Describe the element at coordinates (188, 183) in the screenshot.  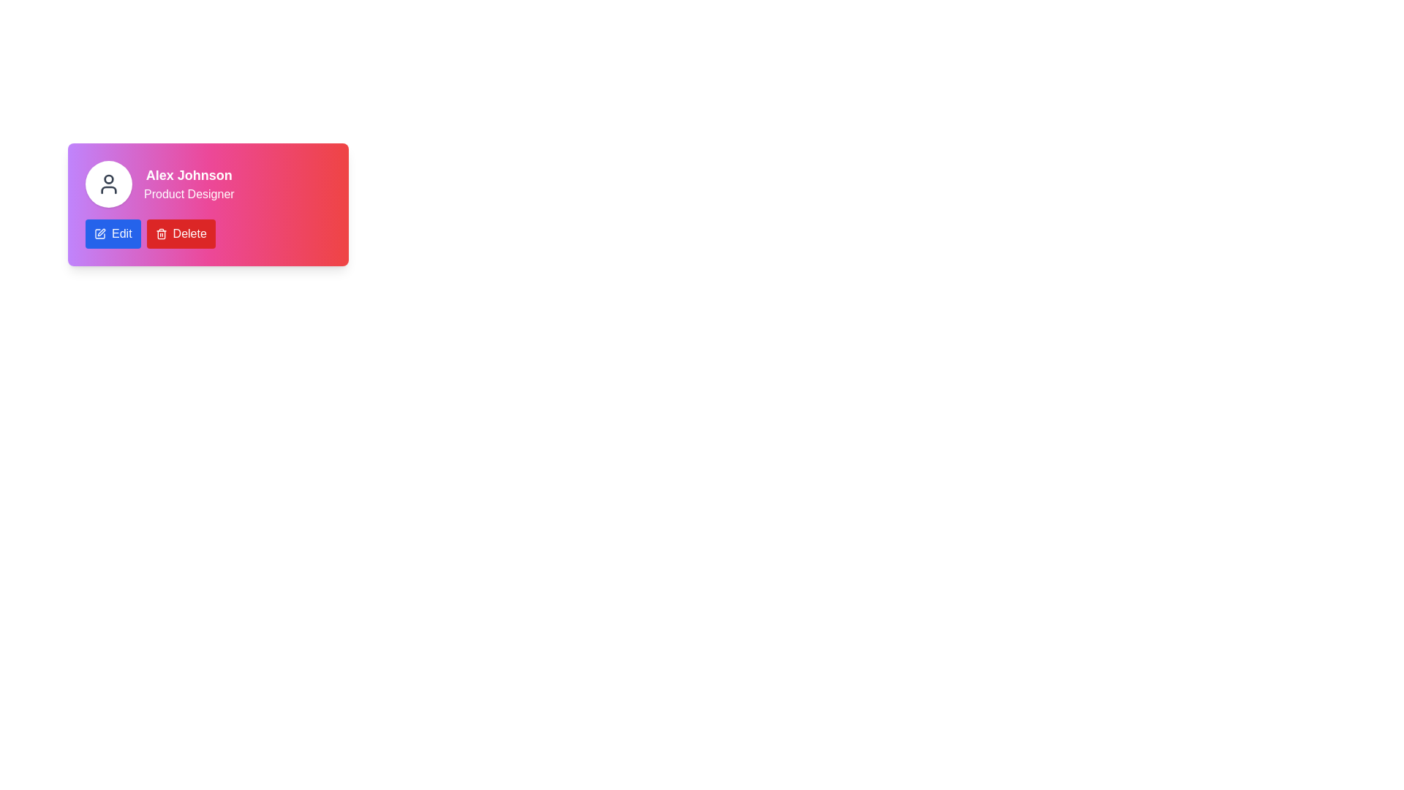
I see `the Text Display element that shows the name 'Alex Johnson'` at that location.